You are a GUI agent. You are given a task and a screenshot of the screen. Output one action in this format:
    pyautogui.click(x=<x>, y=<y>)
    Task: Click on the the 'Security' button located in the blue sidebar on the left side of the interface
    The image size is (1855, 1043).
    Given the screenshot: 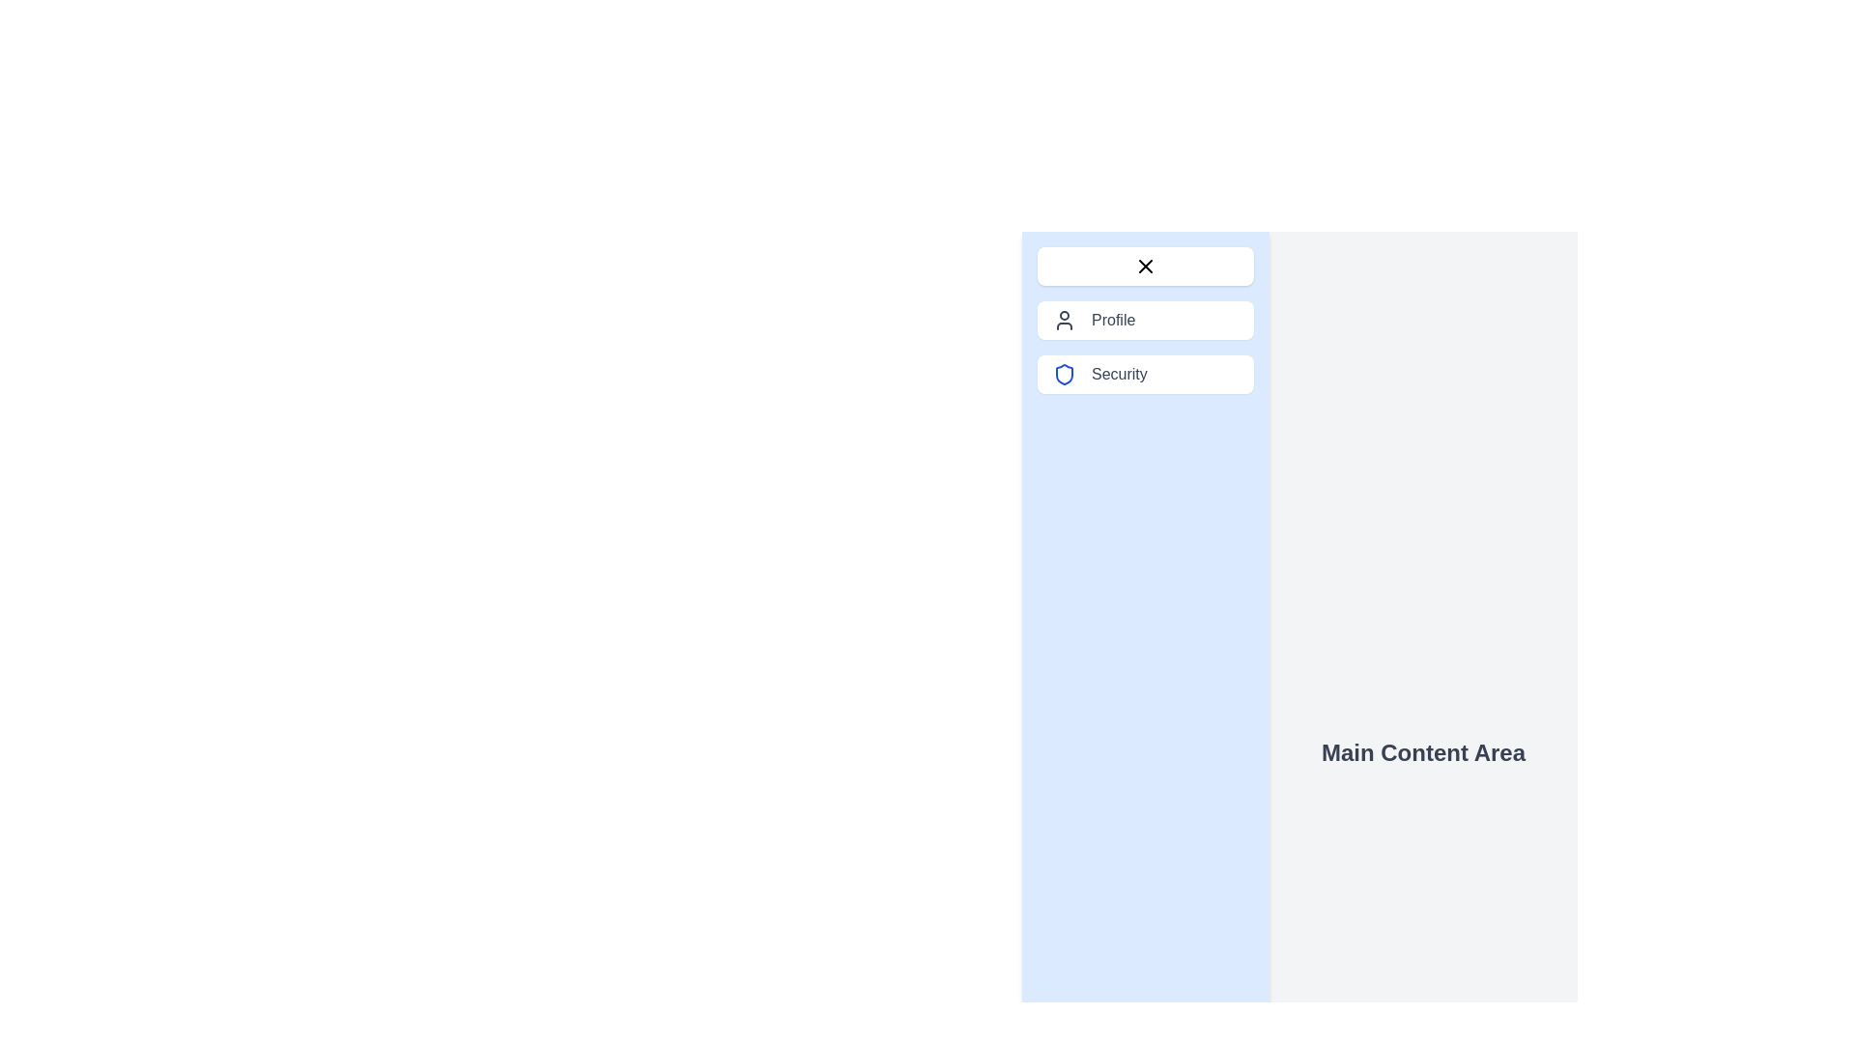 What is the action you would take?
    pyautogui.click(x=1145, y=375)
    